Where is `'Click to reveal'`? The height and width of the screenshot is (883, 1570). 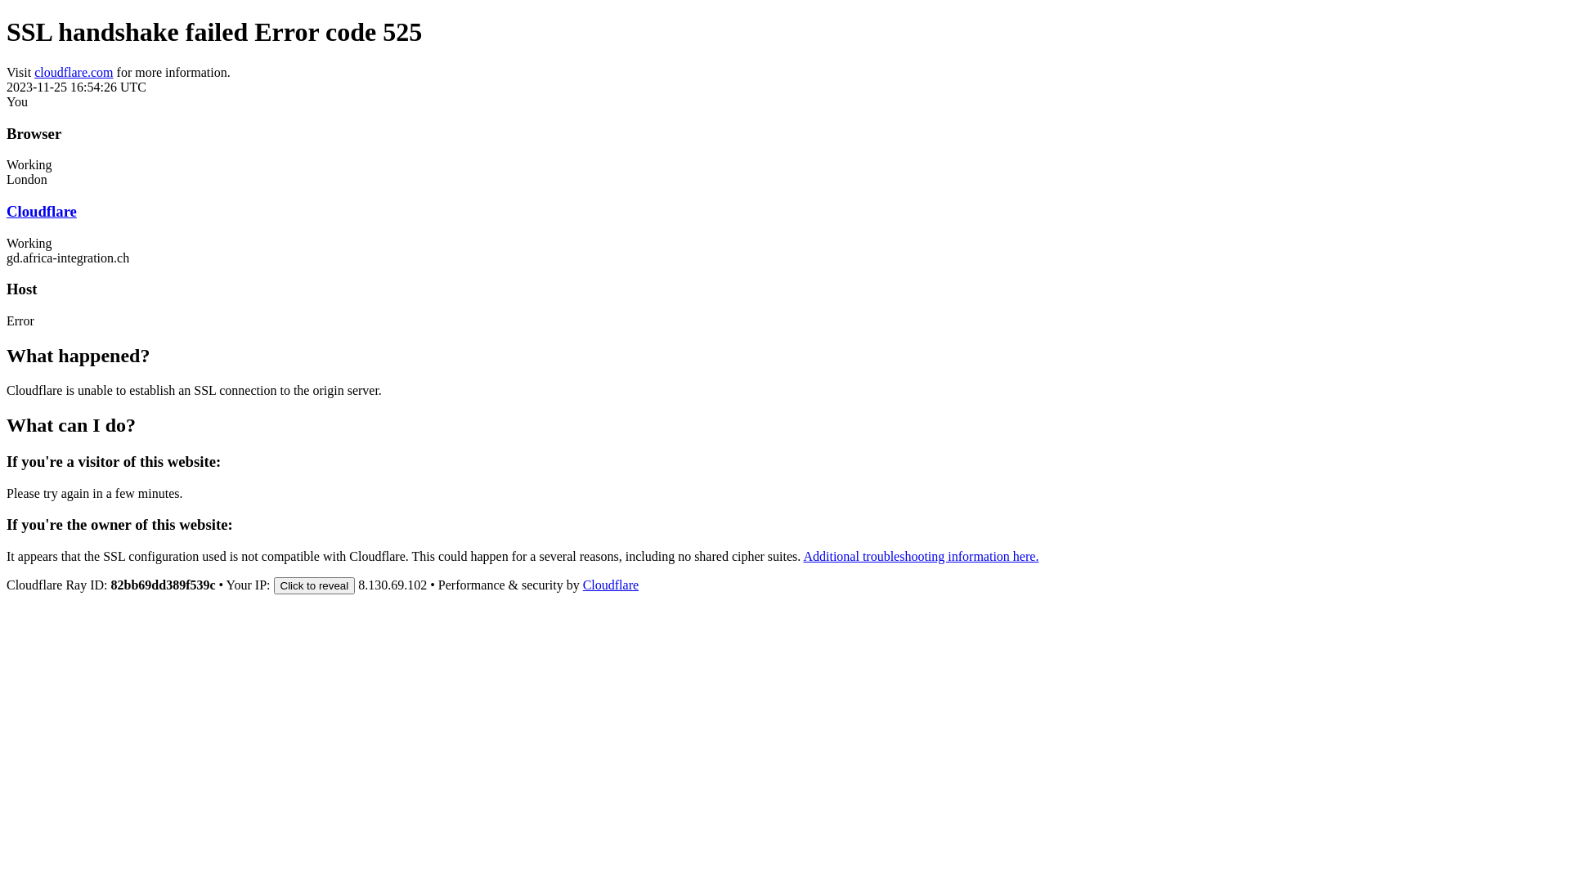
'Click to reveal' is located at coordinates (274, 585).